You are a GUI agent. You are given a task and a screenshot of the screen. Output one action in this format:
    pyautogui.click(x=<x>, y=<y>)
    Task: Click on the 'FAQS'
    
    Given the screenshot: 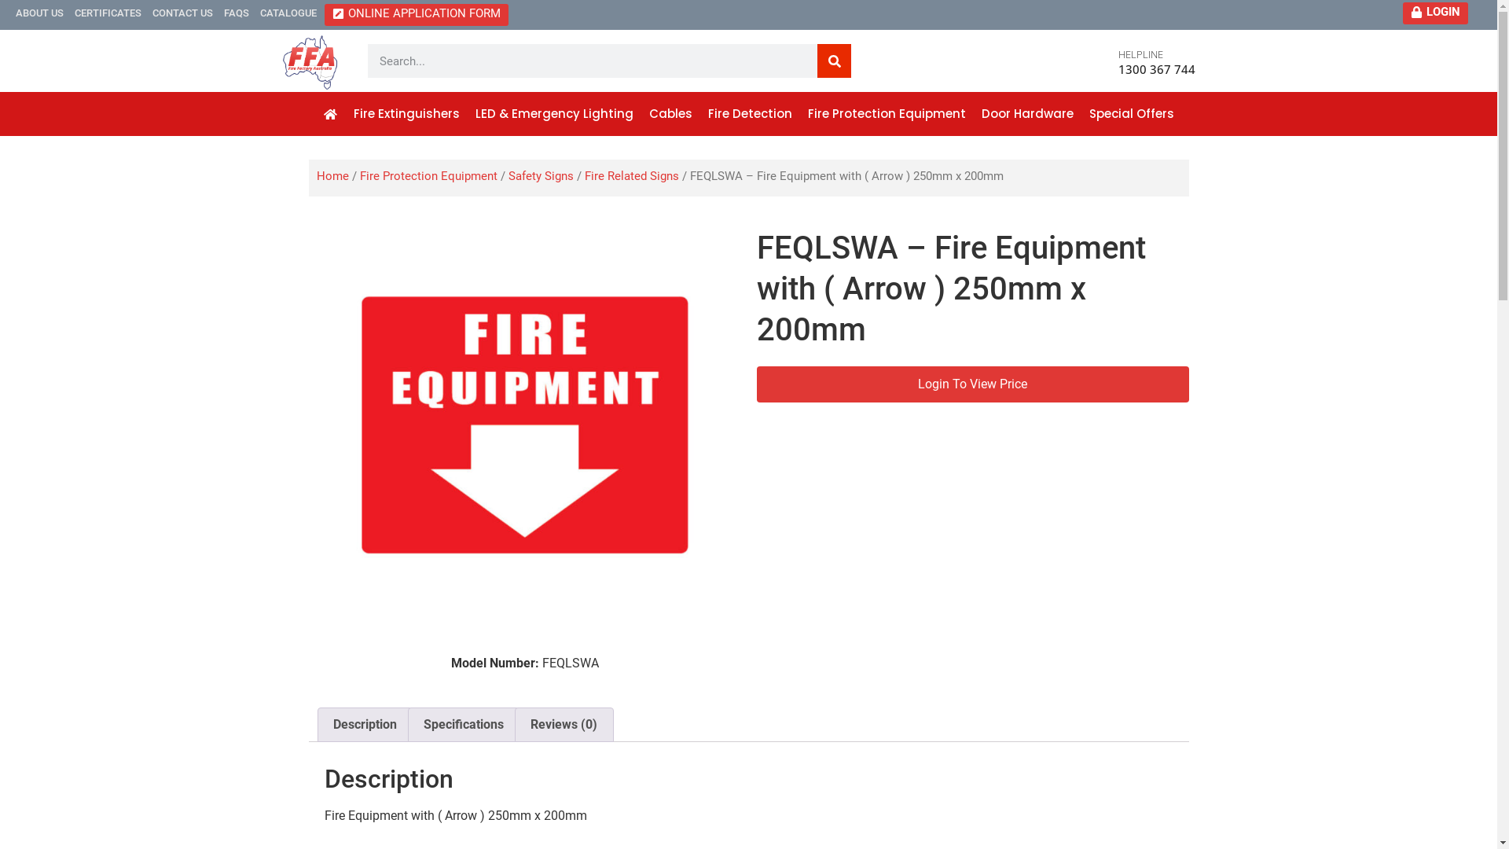 What is the action you would take?
    pyautogui.click(x=222, y=12)
    